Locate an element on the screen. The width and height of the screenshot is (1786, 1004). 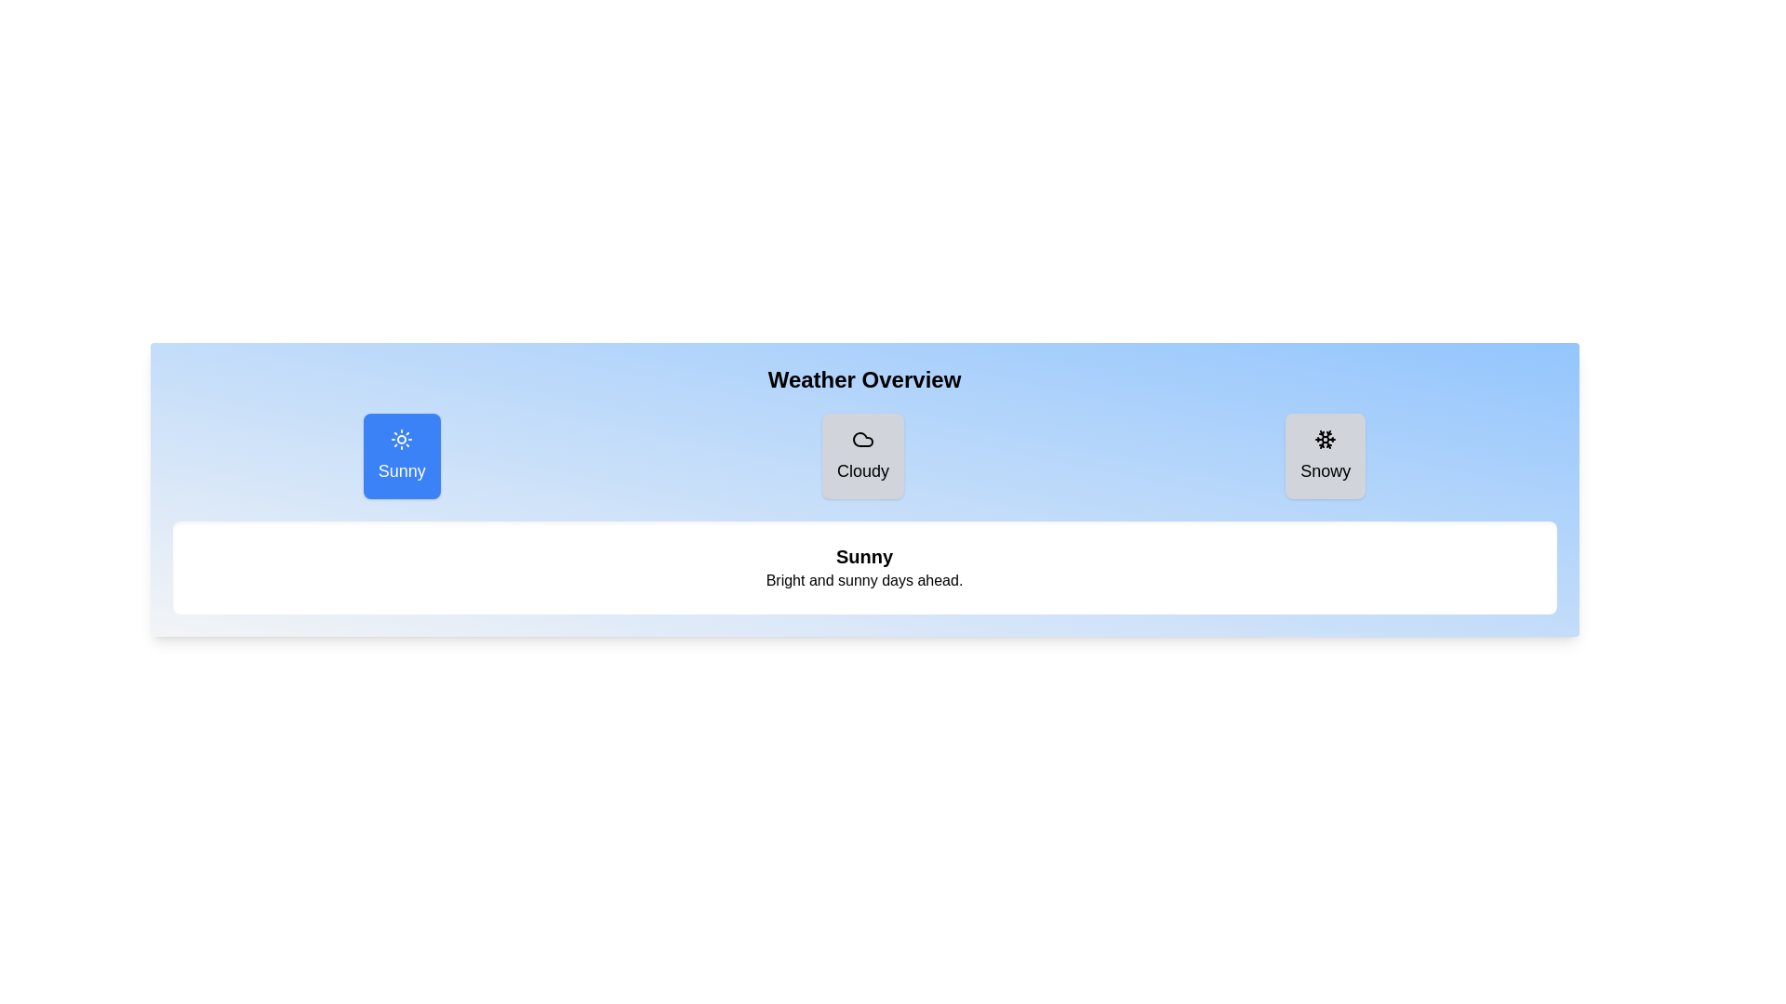
the Sunny weather tab to view its details is located at coordinates (401, 456).